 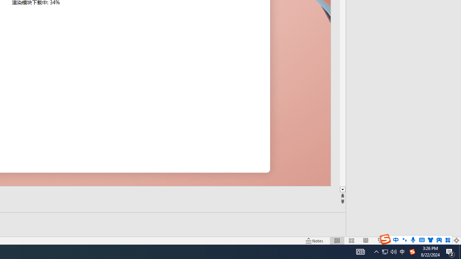 I want to click on 'Zoom 140%', so click(x=444, y=241).